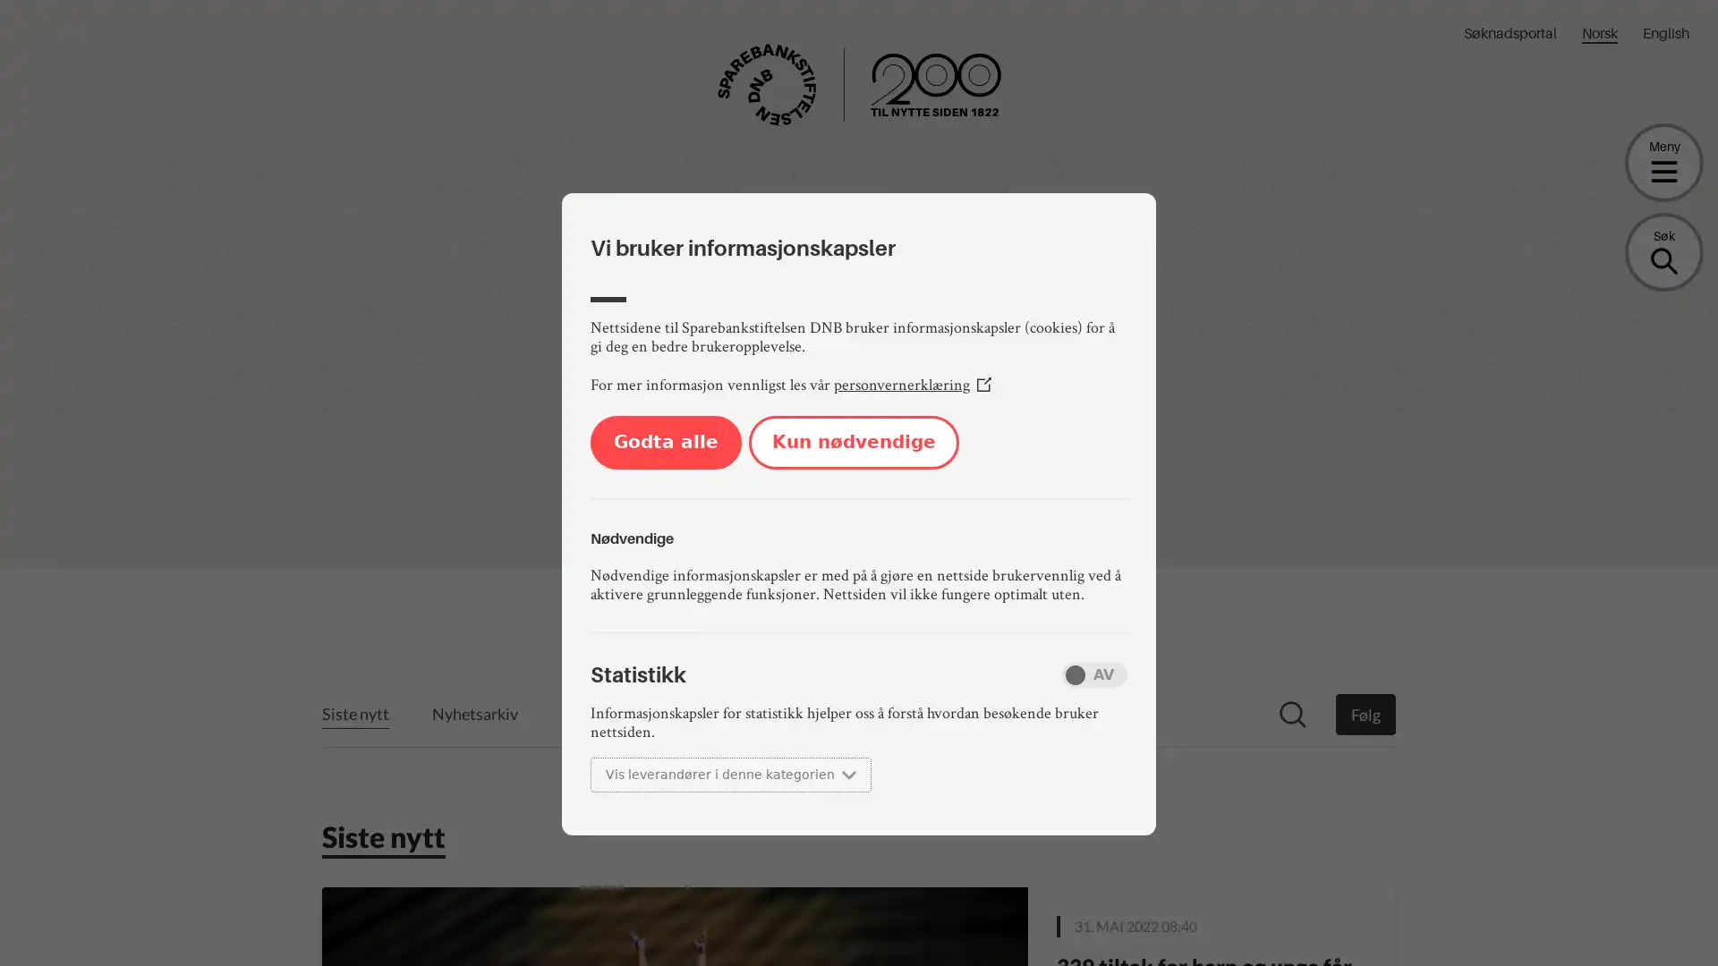  Describe the element at coordinates (730, 774) in the screenshot. I see `Vis leverandrer i denne kategorien` at that location.